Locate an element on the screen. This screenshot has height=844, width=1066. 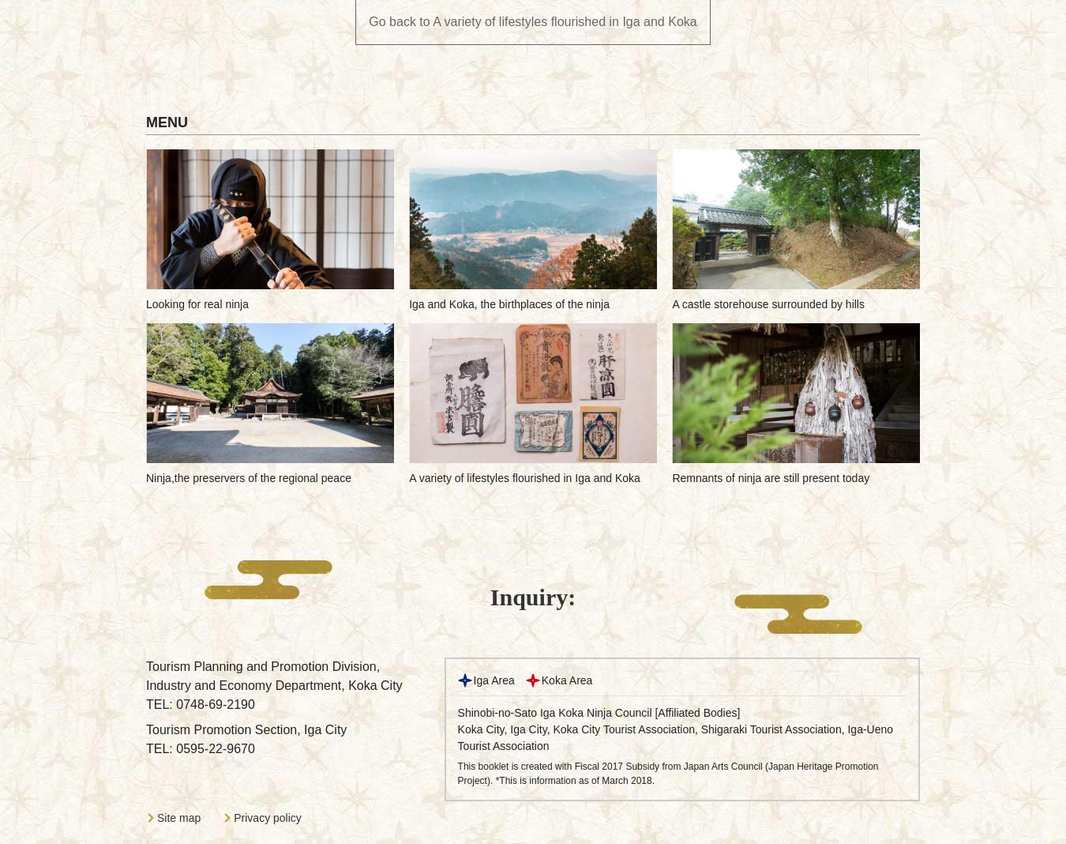
'Iga and Koka, the birthplaces of the ninja' is located at coordinates (509, 303).